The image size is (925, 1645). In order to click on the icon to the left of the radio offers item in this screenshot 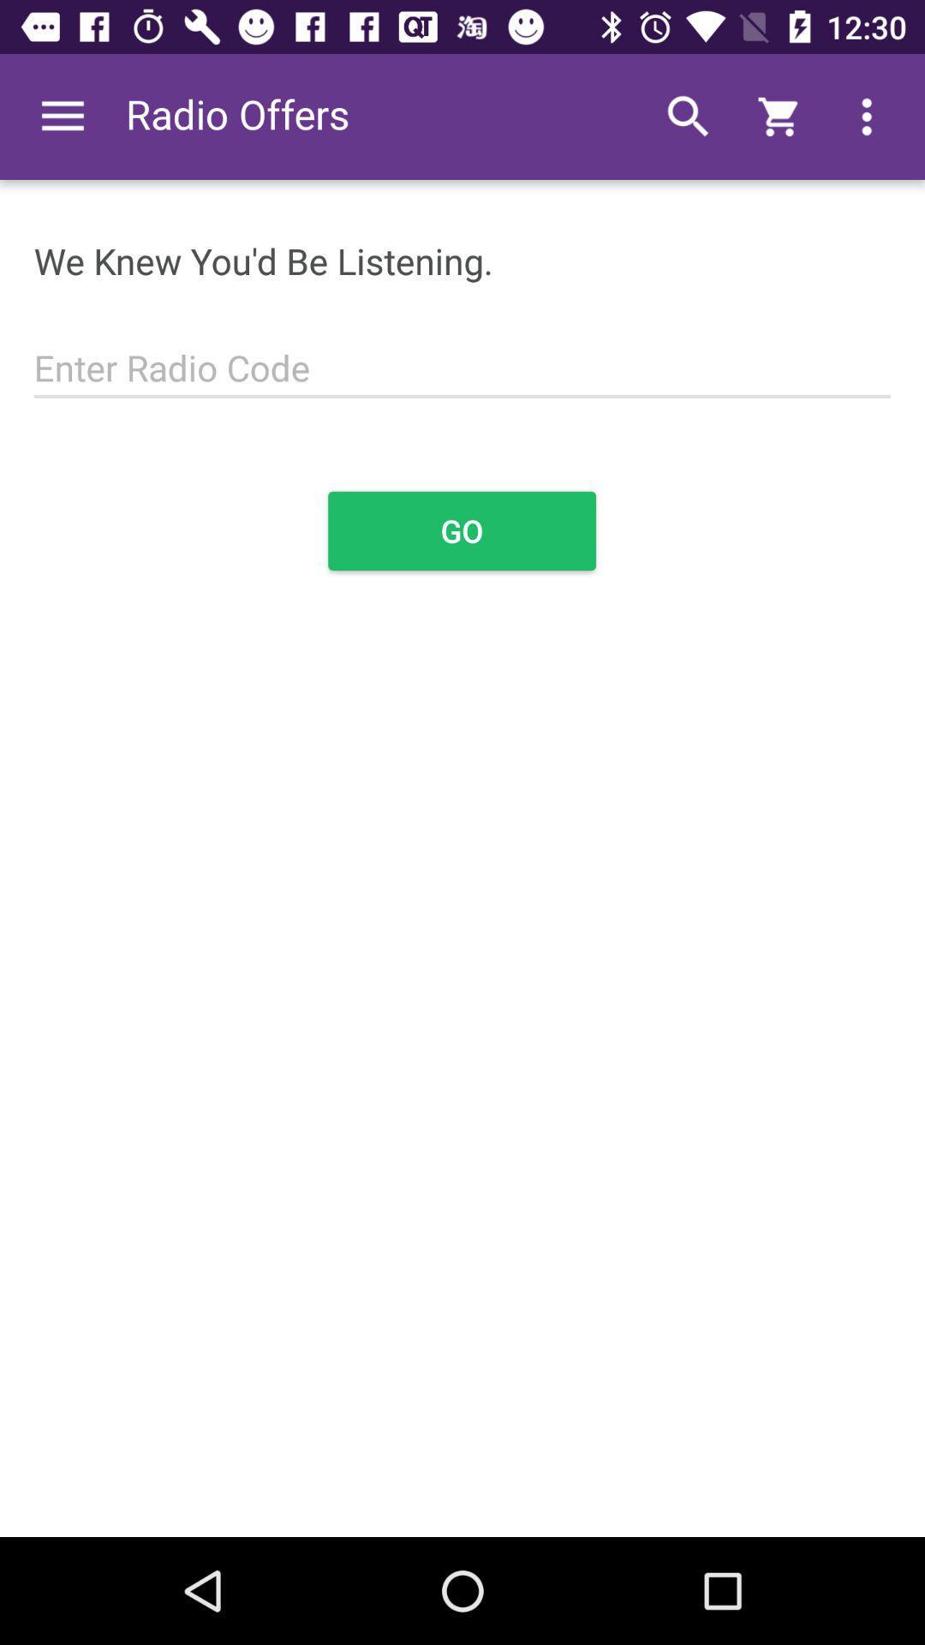, I will do `click(62, 116)`.